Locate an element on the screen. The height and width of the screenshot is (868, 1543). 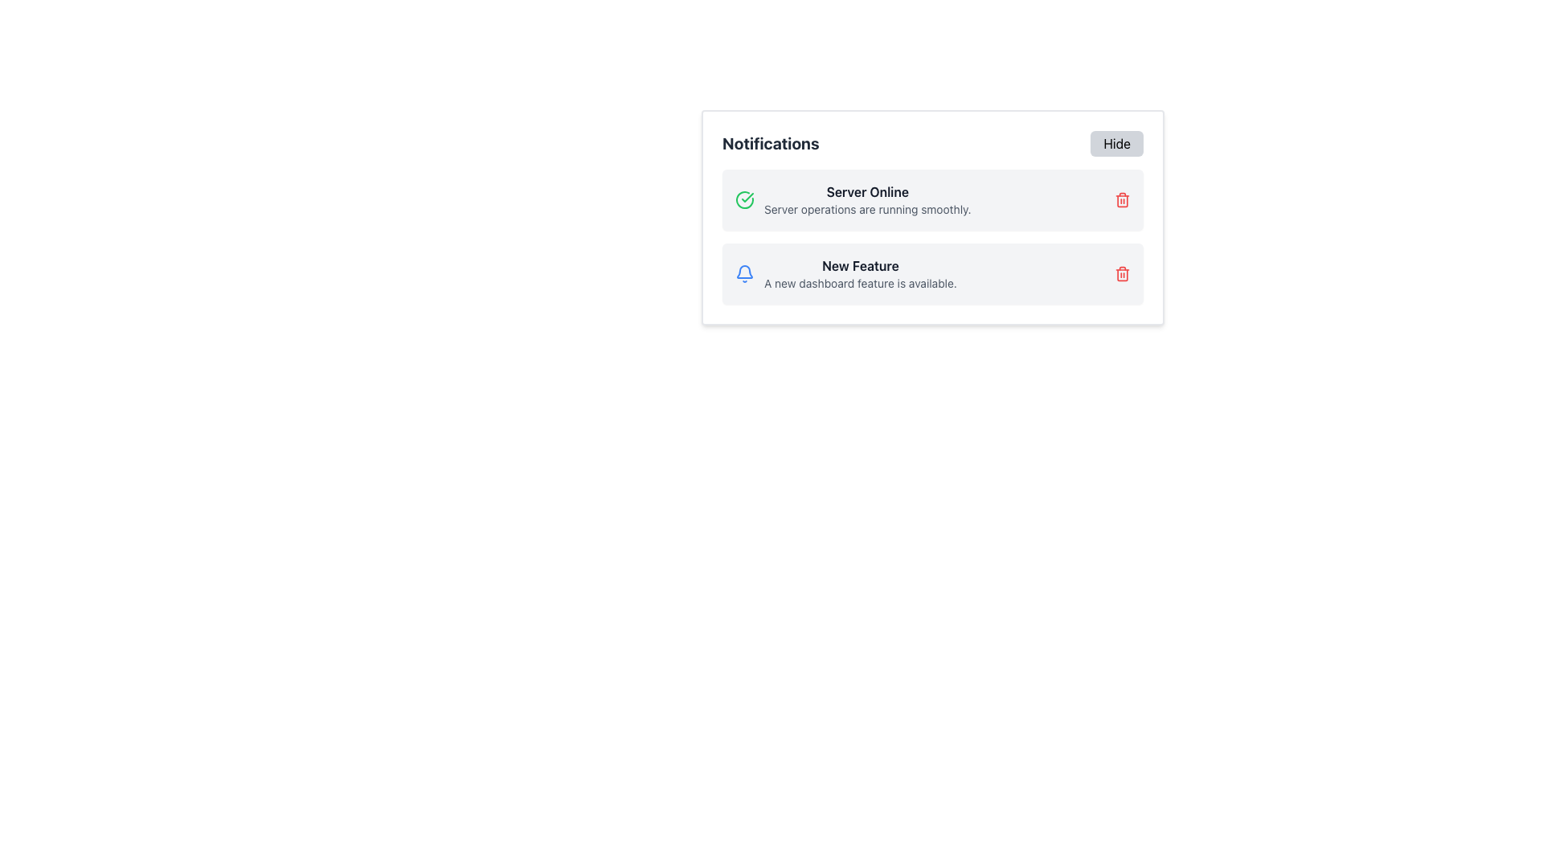
bold text component that displays 'Server Online', located at the top of the first notification card is located at coordinates (866, 191).